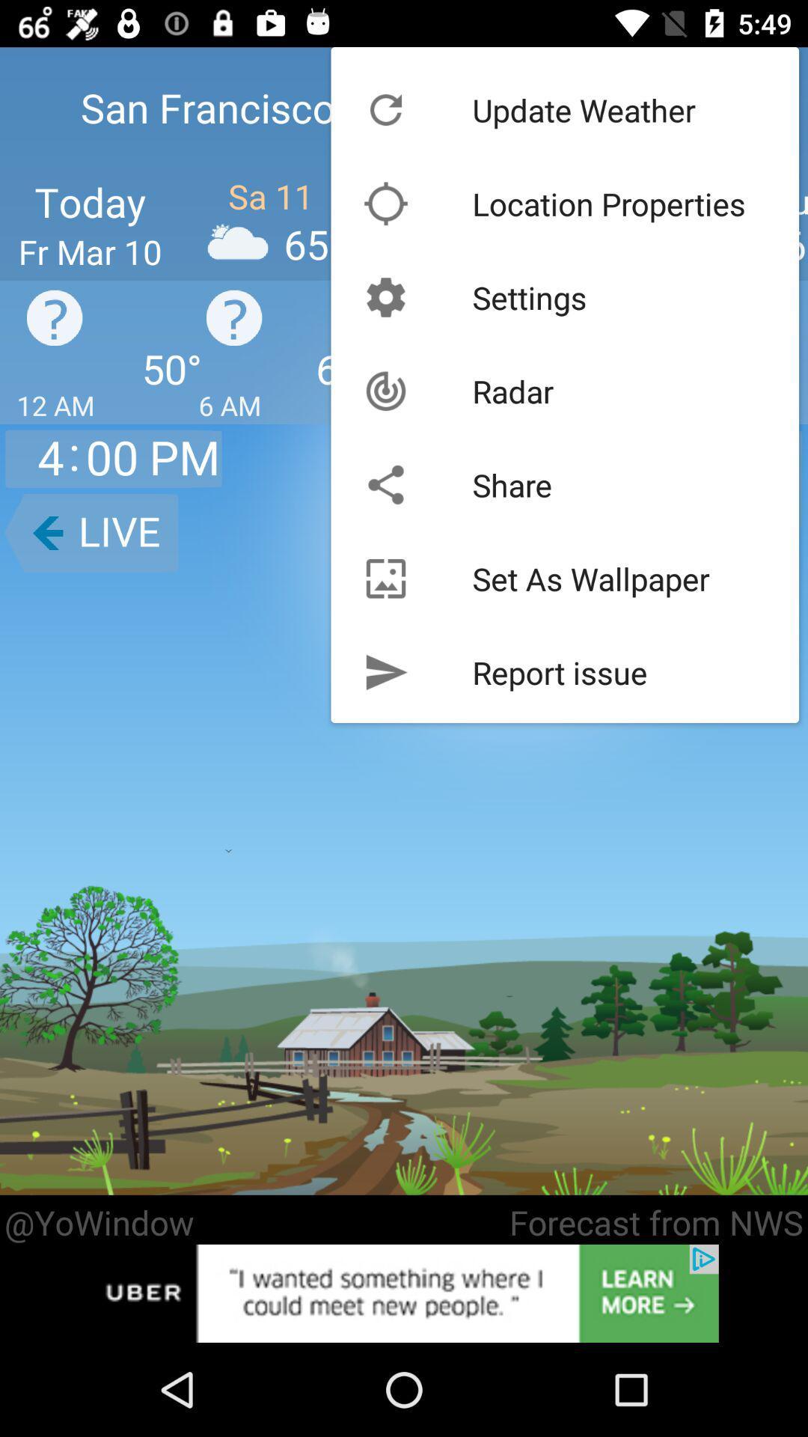  Describe the element at coordinates (529, 297) in the screenshot. I see `the settings icon` at that location.